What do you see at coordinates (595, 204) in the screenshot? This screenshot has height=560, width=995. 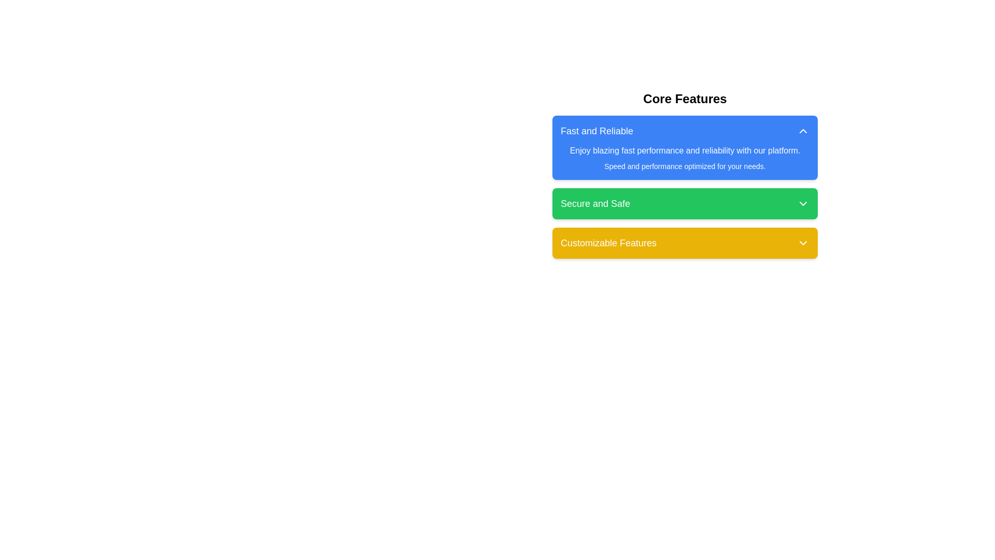 I see `the static text displaying 'Secure and Safe' which is located in a green background box, positioned between 'Fast and Reliable' and 'Customizable Features' in a vertical list` at bounding box center [595, 204].